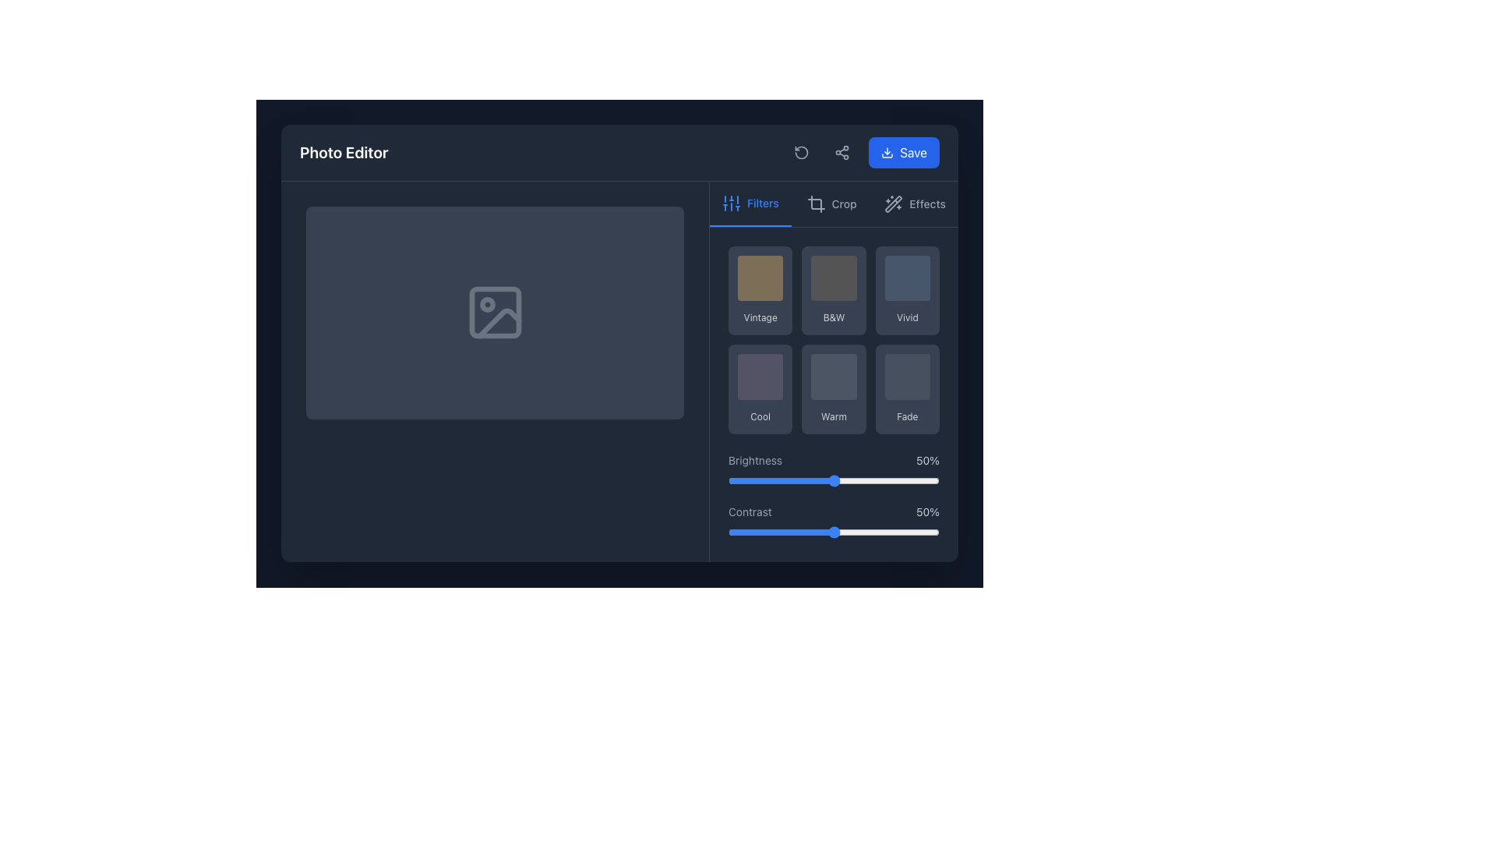 The height and width of the screenshot is (842, 1496). What do you see at coordinates (792, 531) in the screenshot?
I see `the contrast` at bounding box center [792, 531].